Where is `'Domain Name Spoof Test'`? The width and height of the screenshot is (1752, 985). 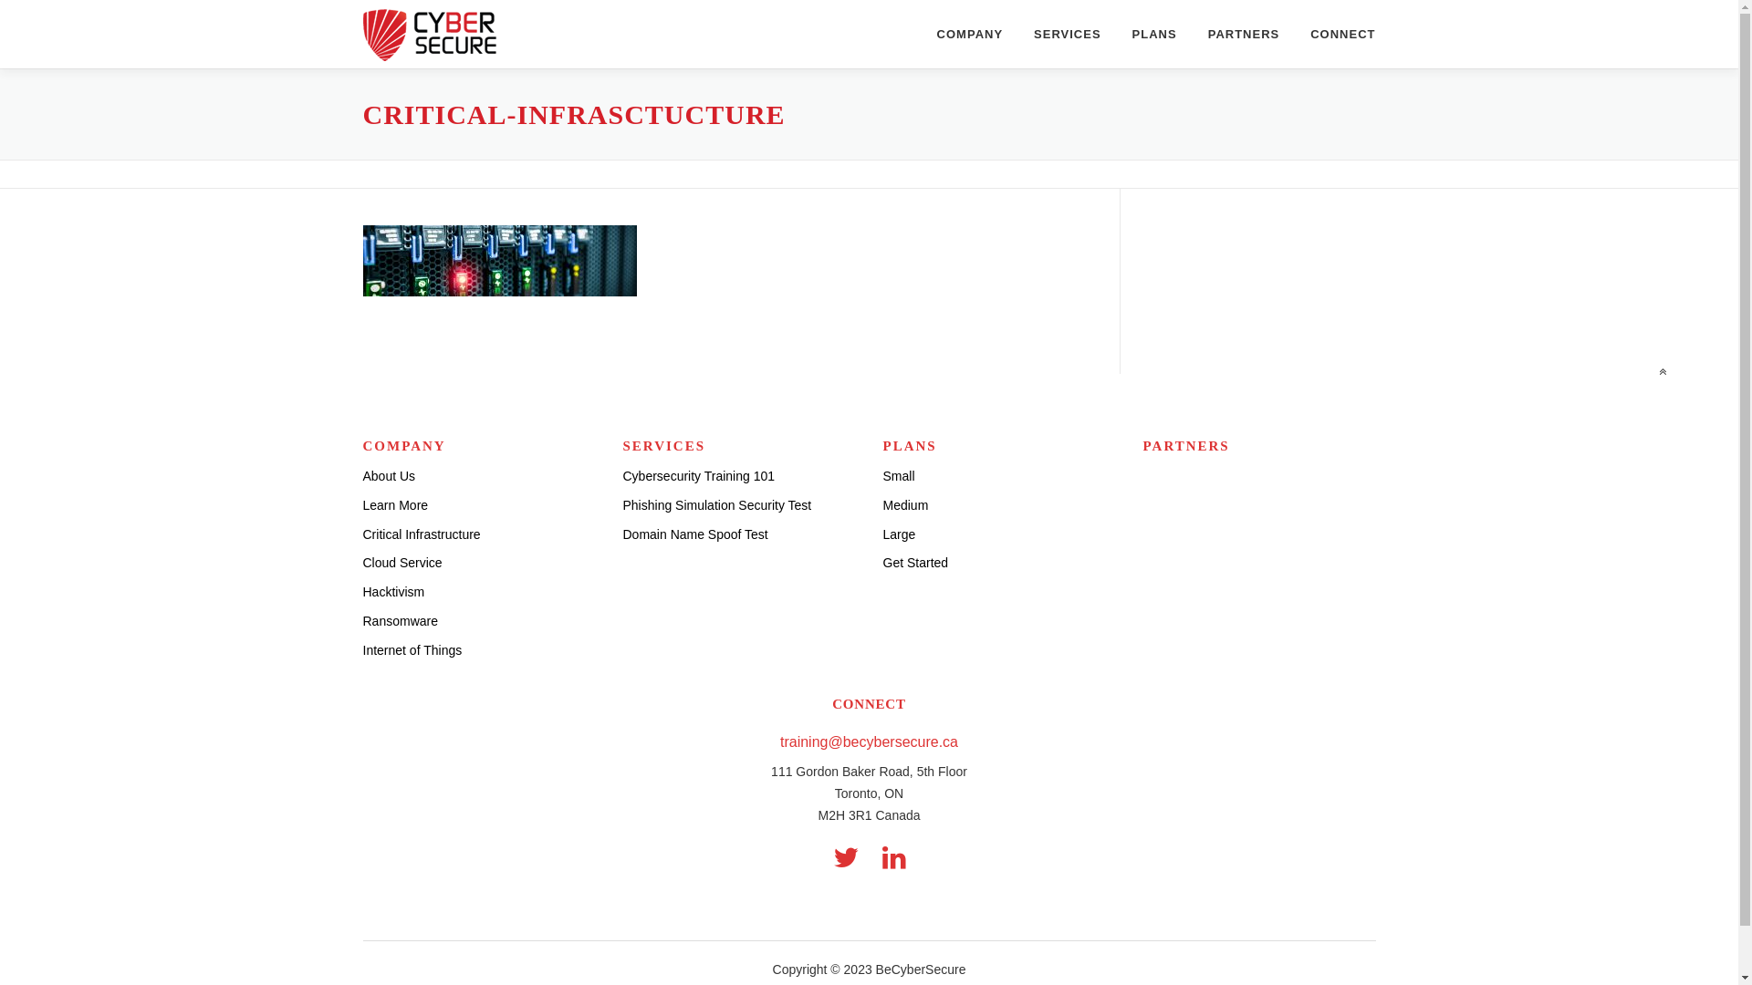
'Domain Name Spoof Test' is located at coordinates (693, 534).